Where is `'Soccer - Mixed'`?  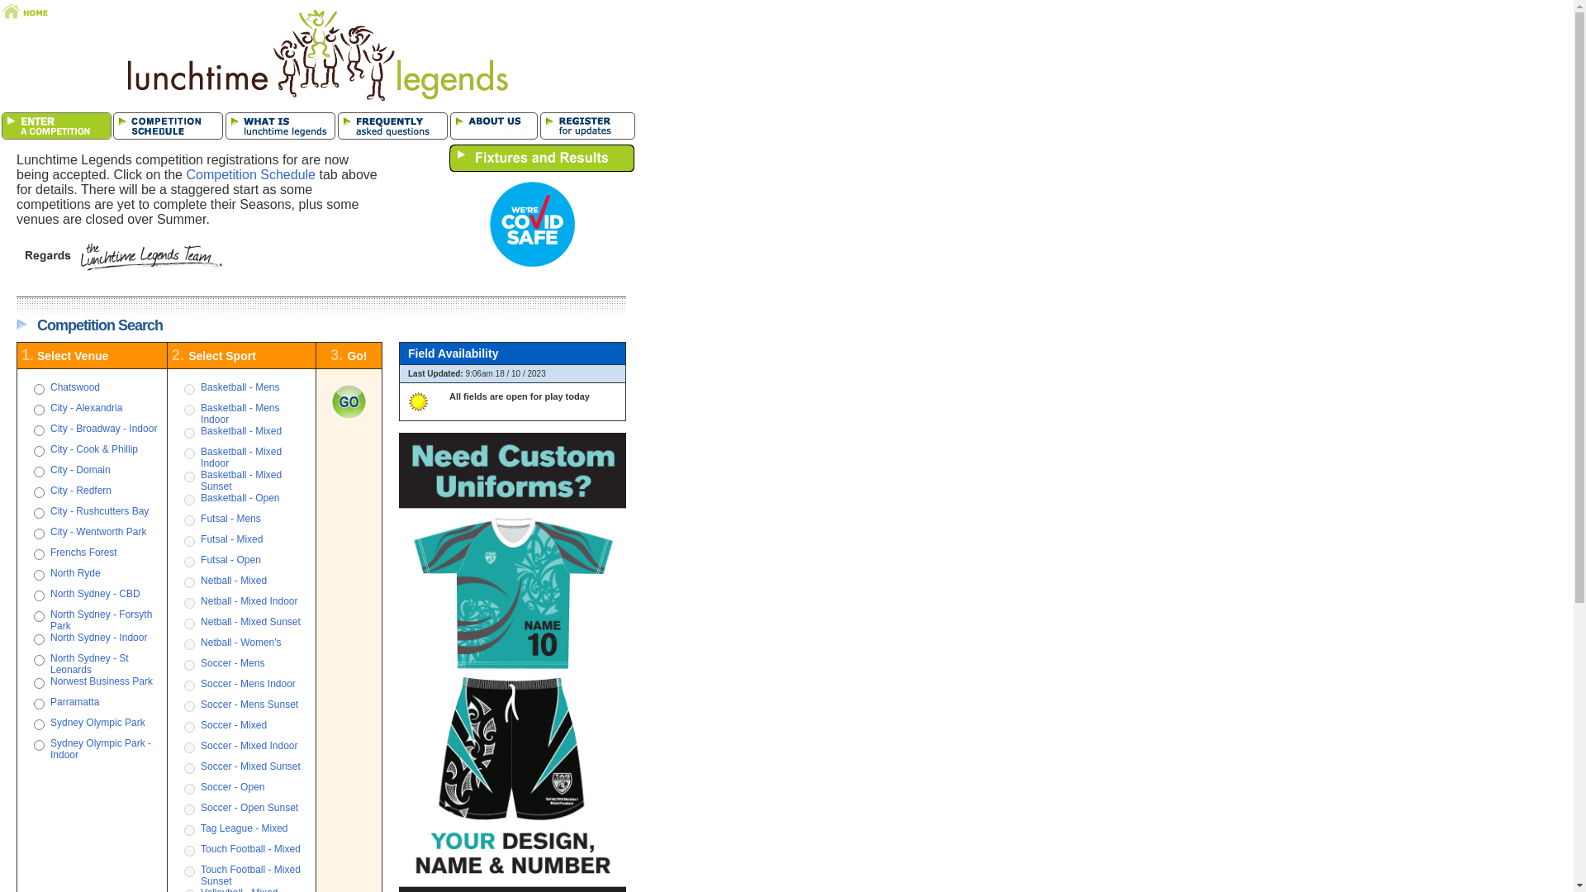
'Soccer - Mixed' is located at coordinates (233, 724).